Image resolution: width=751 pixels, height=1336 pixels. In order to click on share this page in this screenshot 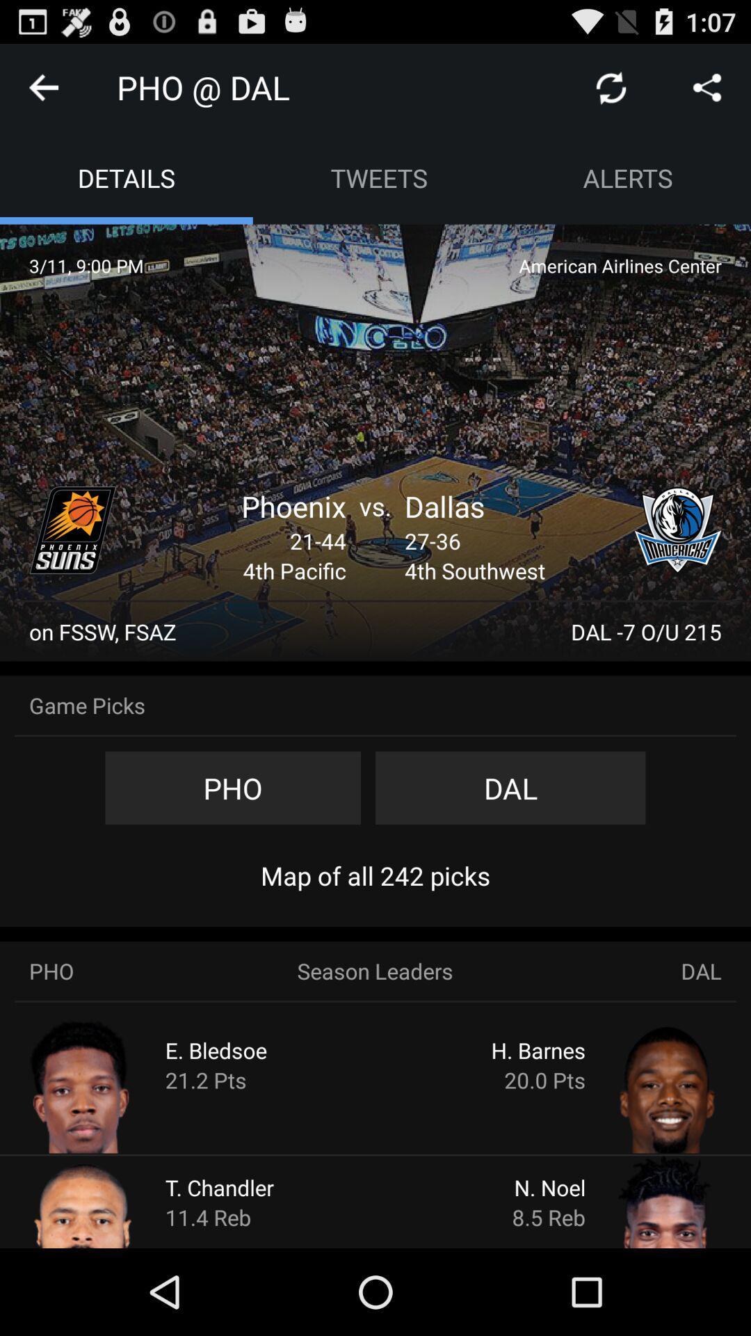, I will do `click(707, 86)`.